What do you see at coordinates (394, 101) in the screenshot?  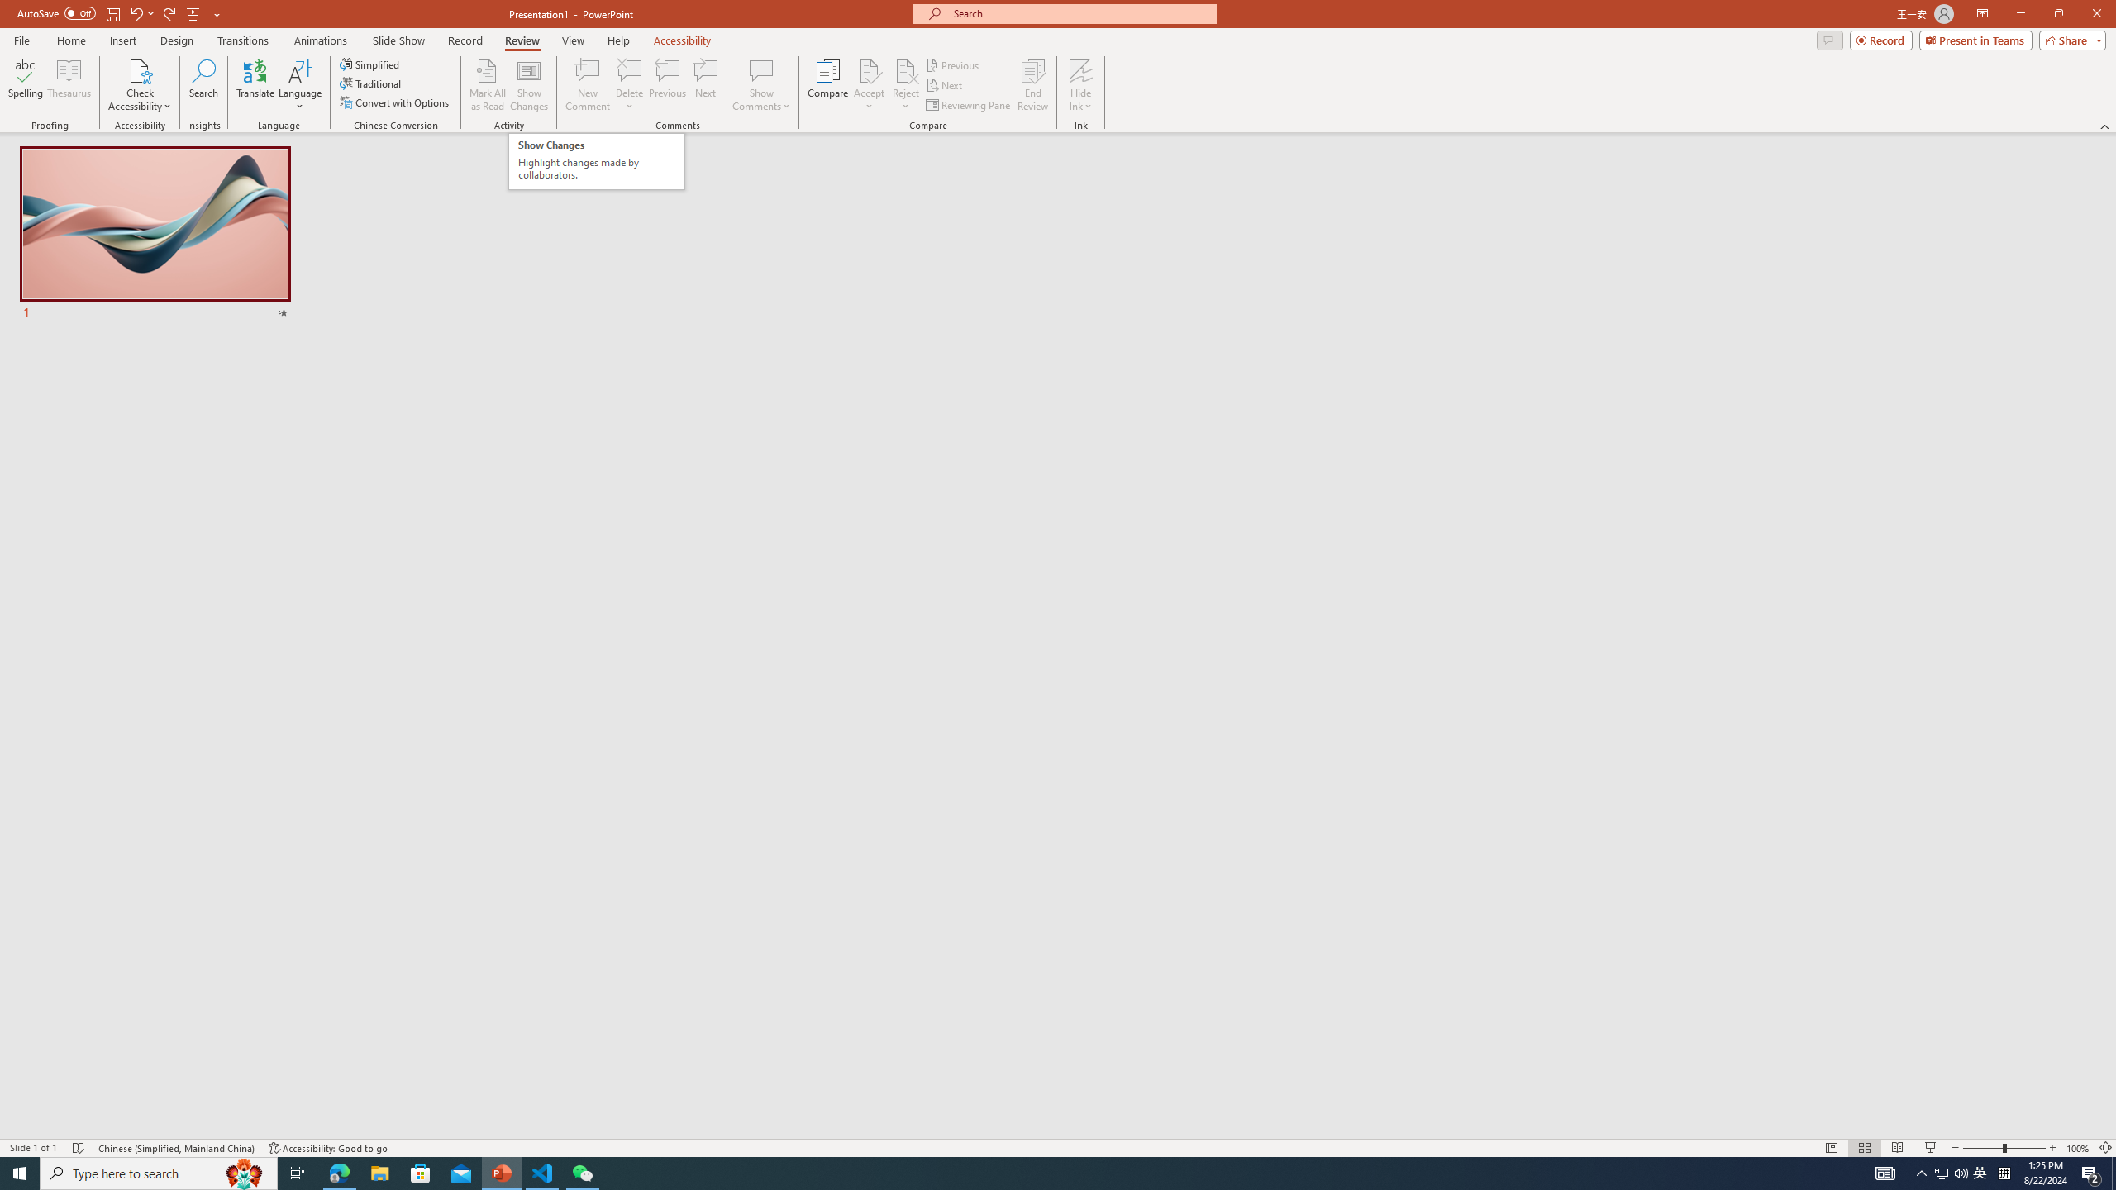 I see `'Convert with Options...'` at bounding box center [394, 101].